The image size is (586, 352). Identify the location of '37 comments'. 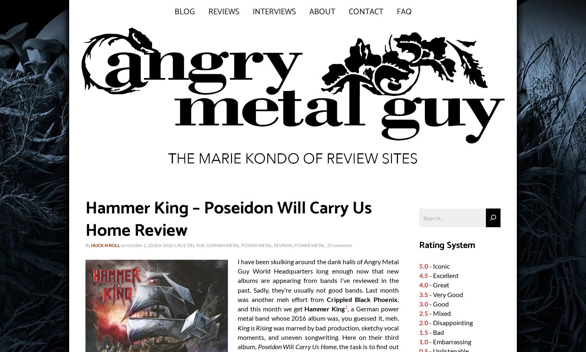
(339, 245).